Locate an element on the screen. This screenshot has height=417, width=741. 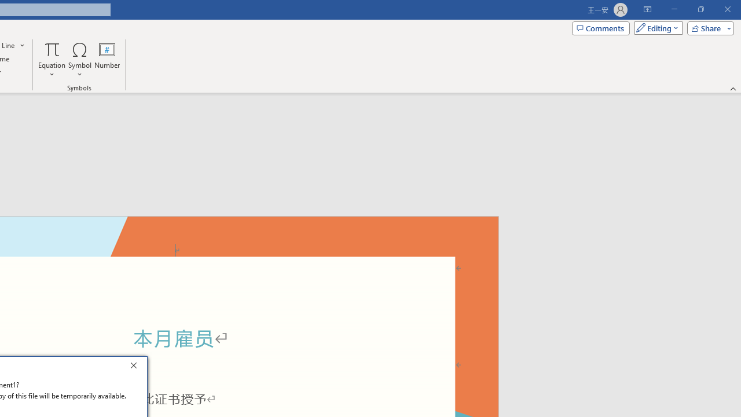
'More Options' is located at coordinates (52, 70).